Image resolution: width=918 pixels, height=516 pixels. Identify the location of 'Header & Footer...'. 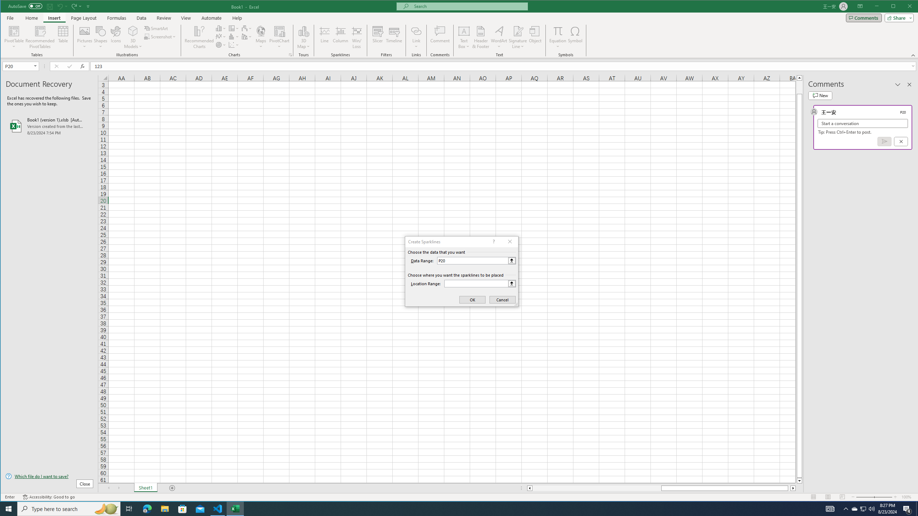
(481, 37).